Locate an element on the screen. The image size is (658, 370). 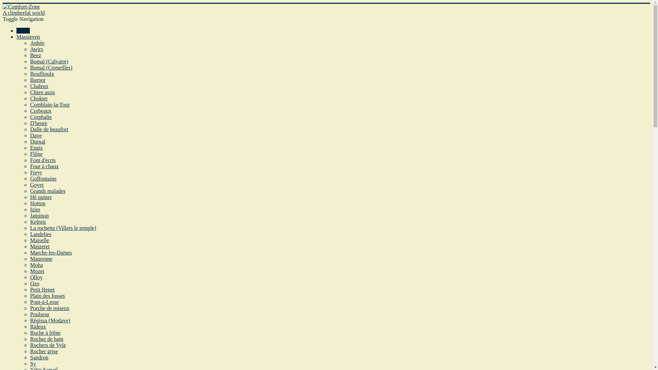
'Rocher de ham' is located at coordinates (46, 338).